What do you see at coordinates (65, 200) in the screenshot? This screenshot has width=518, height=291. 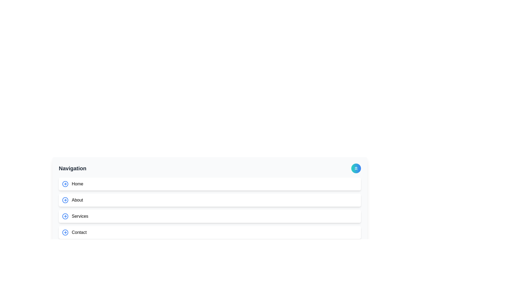 I see `the circular arrow icon located at the leftmost position within the 'About' menu option` at bounding box center [65, 200].